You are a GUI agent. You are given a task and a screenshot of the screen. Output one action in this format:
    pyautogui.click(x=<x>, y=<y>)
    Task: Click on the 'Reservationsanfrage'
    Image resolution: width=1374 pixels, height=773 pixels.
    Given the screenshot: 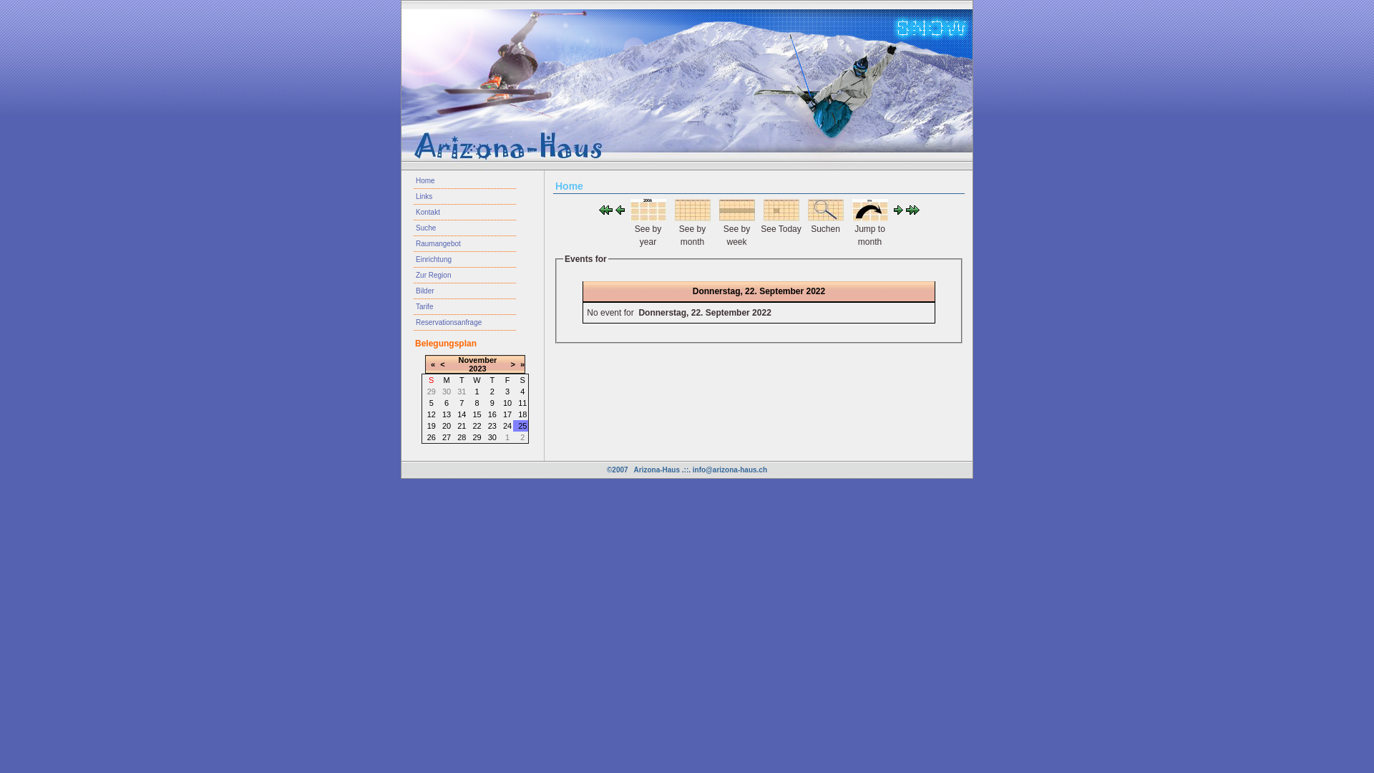 What is the action you would take?
    pyautogui.click(x=464, y=323)
    